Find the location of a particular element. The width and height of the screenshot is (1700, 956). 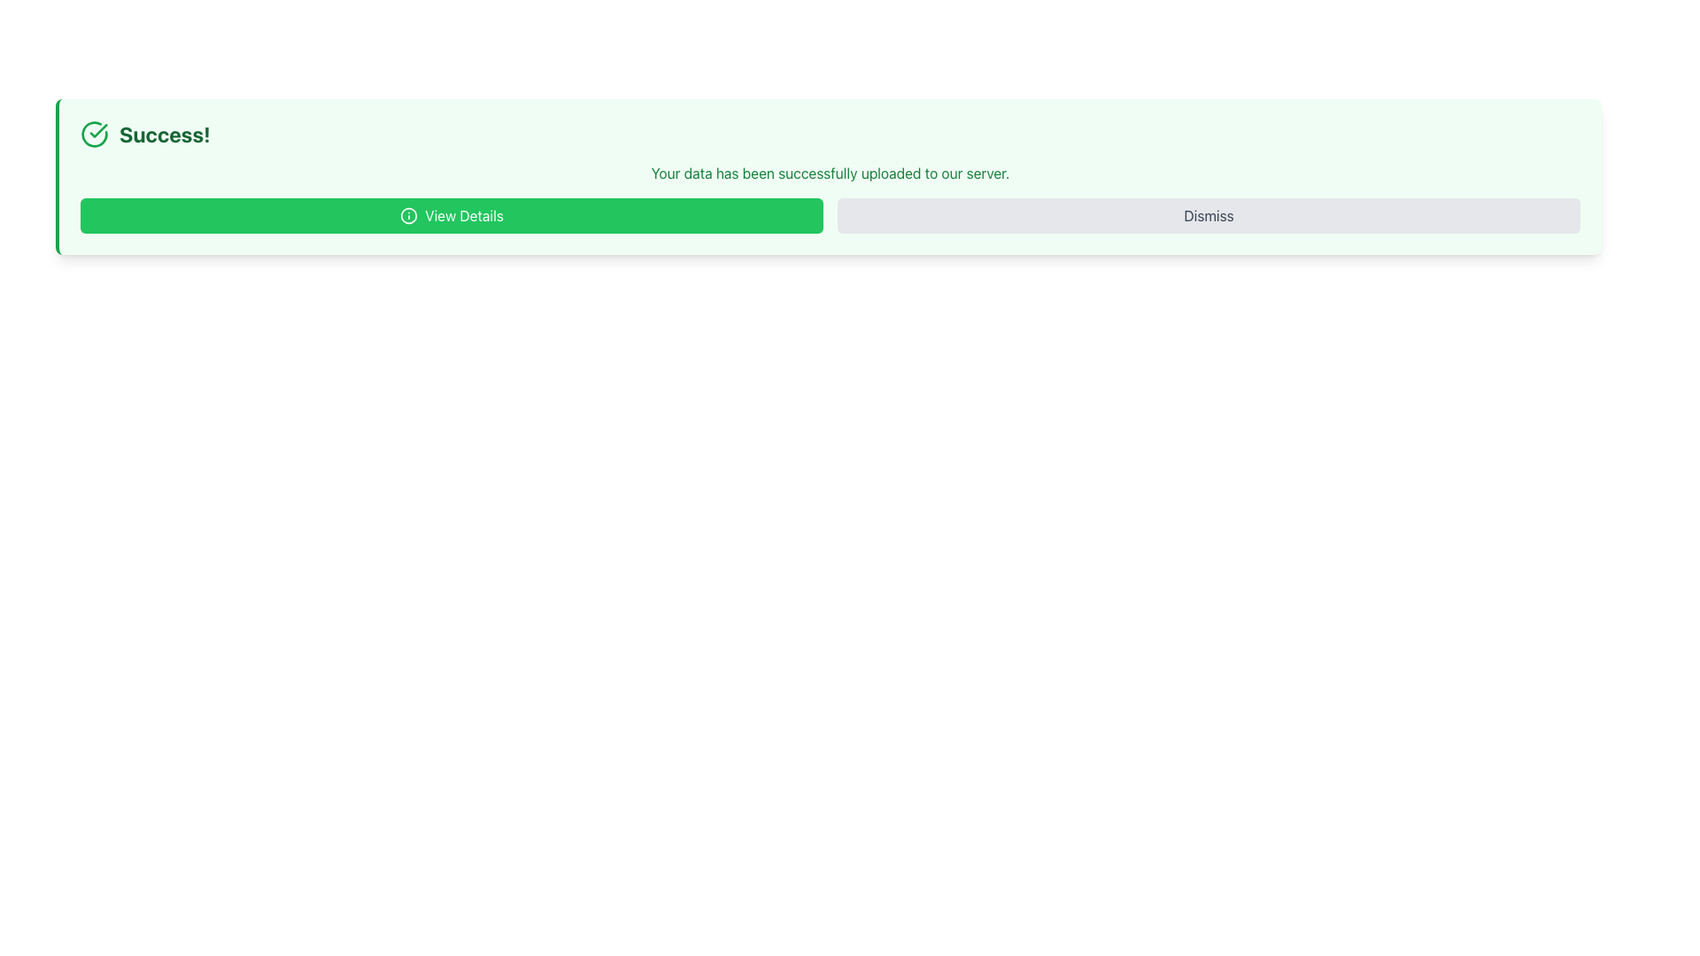

the SVG graphic shape (circle) within the informational icon that indicates availability of further information, located to the left of the 'View Details' text in the green confirmation bar is located at coordinates (408, 214).